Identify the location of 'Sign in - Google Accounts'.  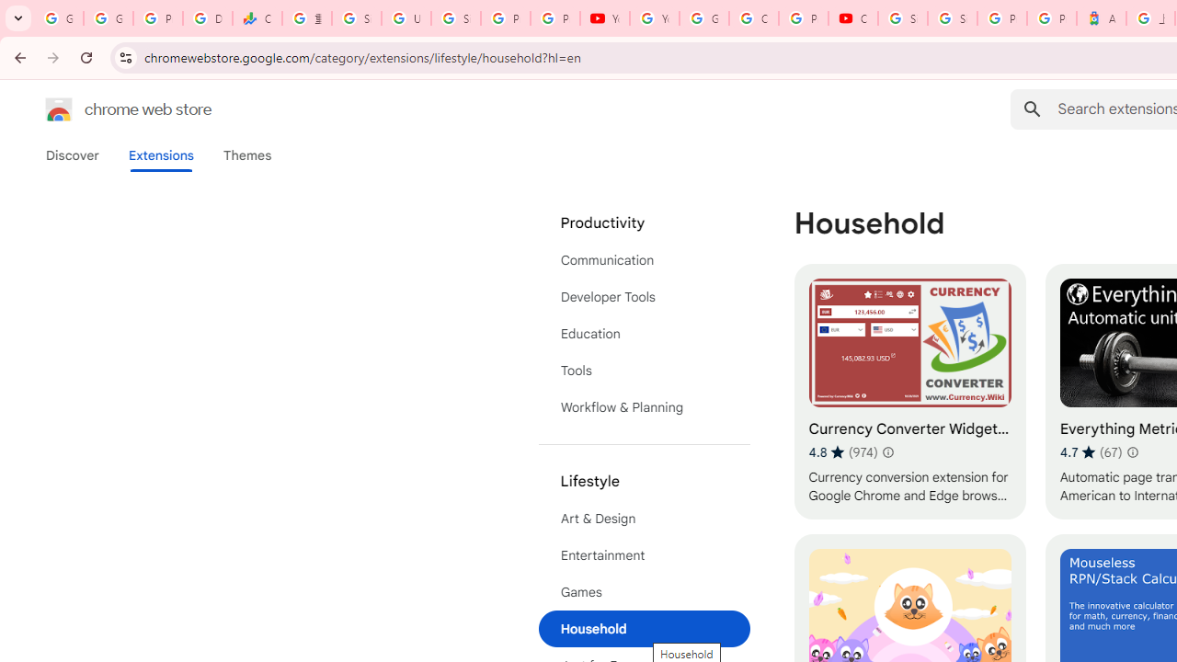
(953, 18).